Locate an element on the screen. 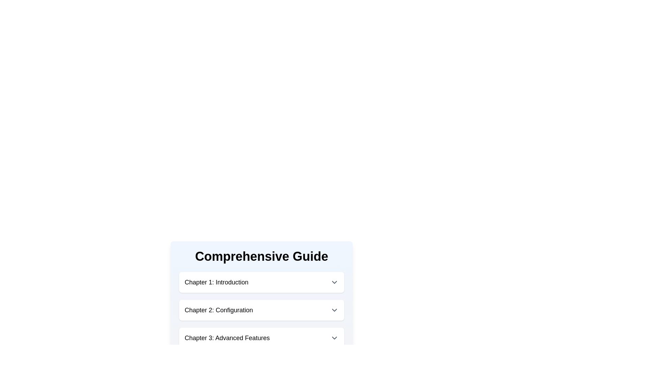 This screenshot has height=376, width=669. the third item in the vertically stacked list that acts as a collapsible section header for Chapter 3 is located at coordinates (261, 338).